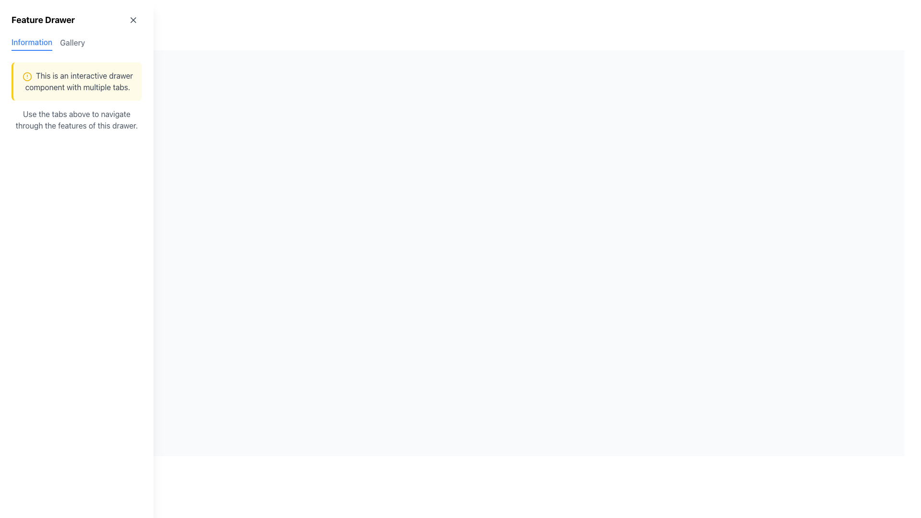  What do you see at coordinates (133, 20) in the screenshot?
I see `the small cross-shaped icon styled as an outlined 'X' located in the top-right corner of the 'Feature Drawer'` at bounding box center [133, 20].